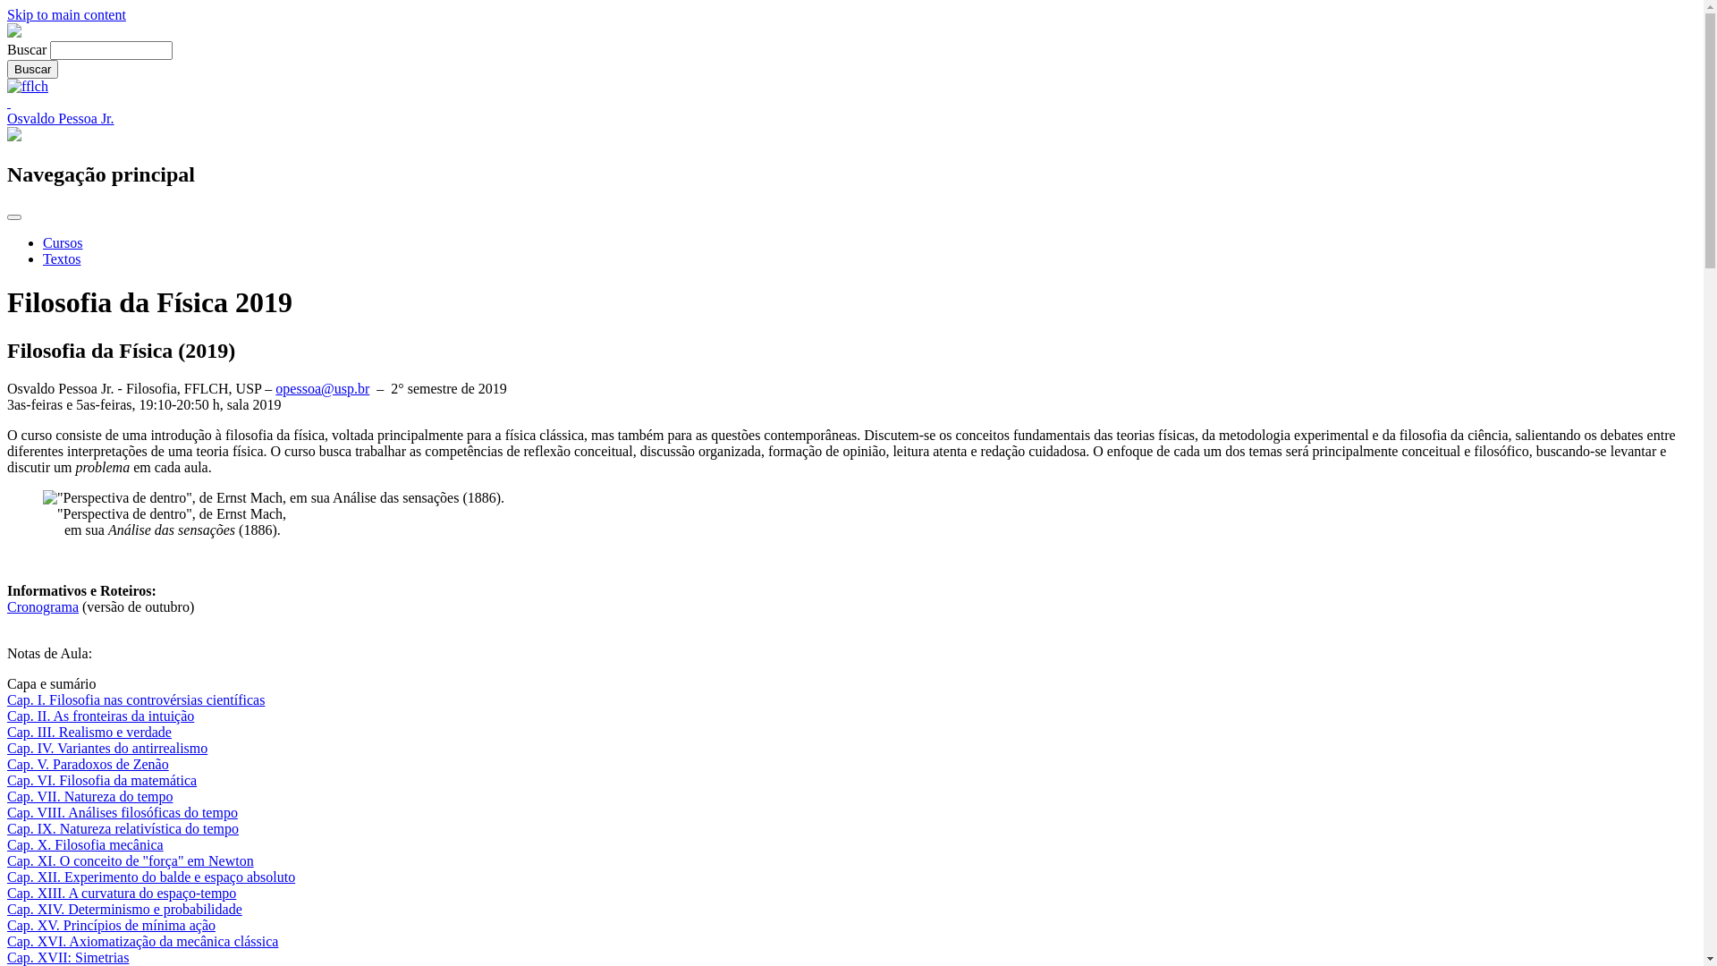 This screenshot has width=1717, height=966. Describe the element at coordinates (63, 242) in the screenshot. I see `'Cursos'` at that location.